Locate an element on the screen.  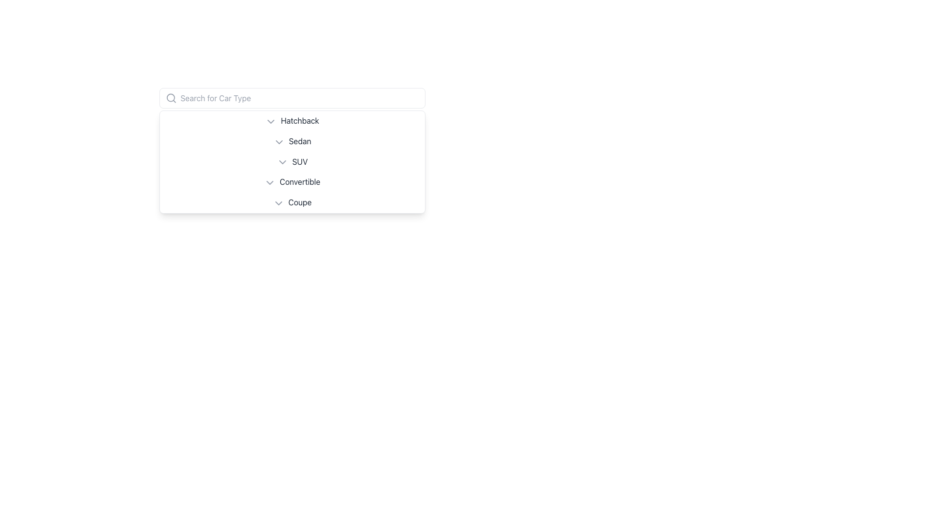
the downward-pointing chevron icon to the left of the 'Convertible' text label is located at coordinates (270, 183).